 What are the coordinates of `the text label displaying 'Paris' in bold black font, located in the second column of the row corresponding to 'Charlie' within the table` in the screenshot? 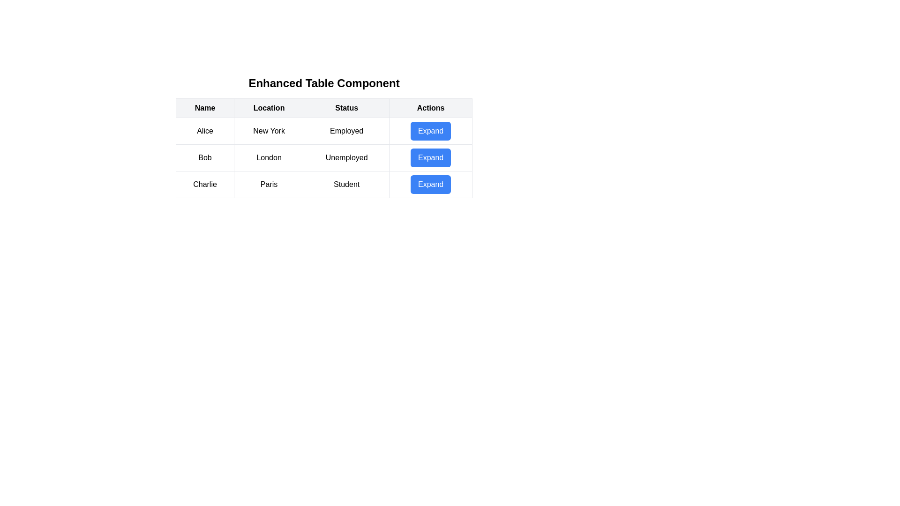 It's located at (269, 184).